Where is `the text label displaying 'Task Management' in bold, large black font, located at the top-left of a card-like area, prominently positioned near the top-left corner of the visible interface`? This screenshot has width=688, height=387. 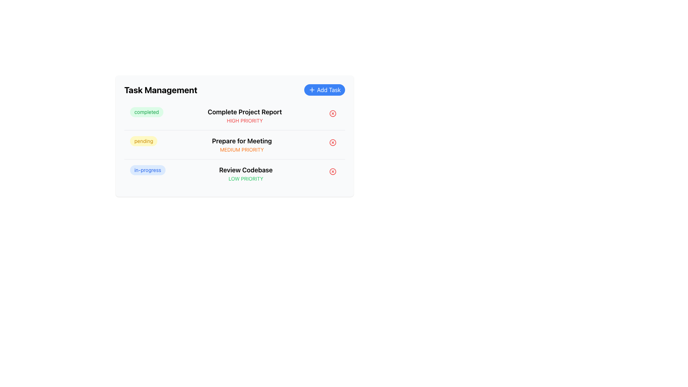 the text label displaying 'Task Management' in bold, large black font, located at the top-left of a card-like area, prominently positioned near the top-left corner of the visible interface is located at coordinates (160, 89).